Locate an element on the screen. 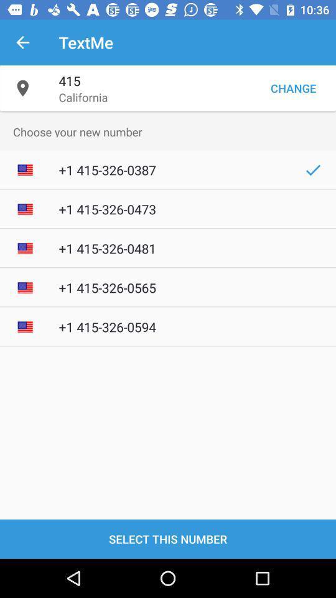 This screenshot has height=598, width=336. icon to the right of california is located at coordinates (293, 87).